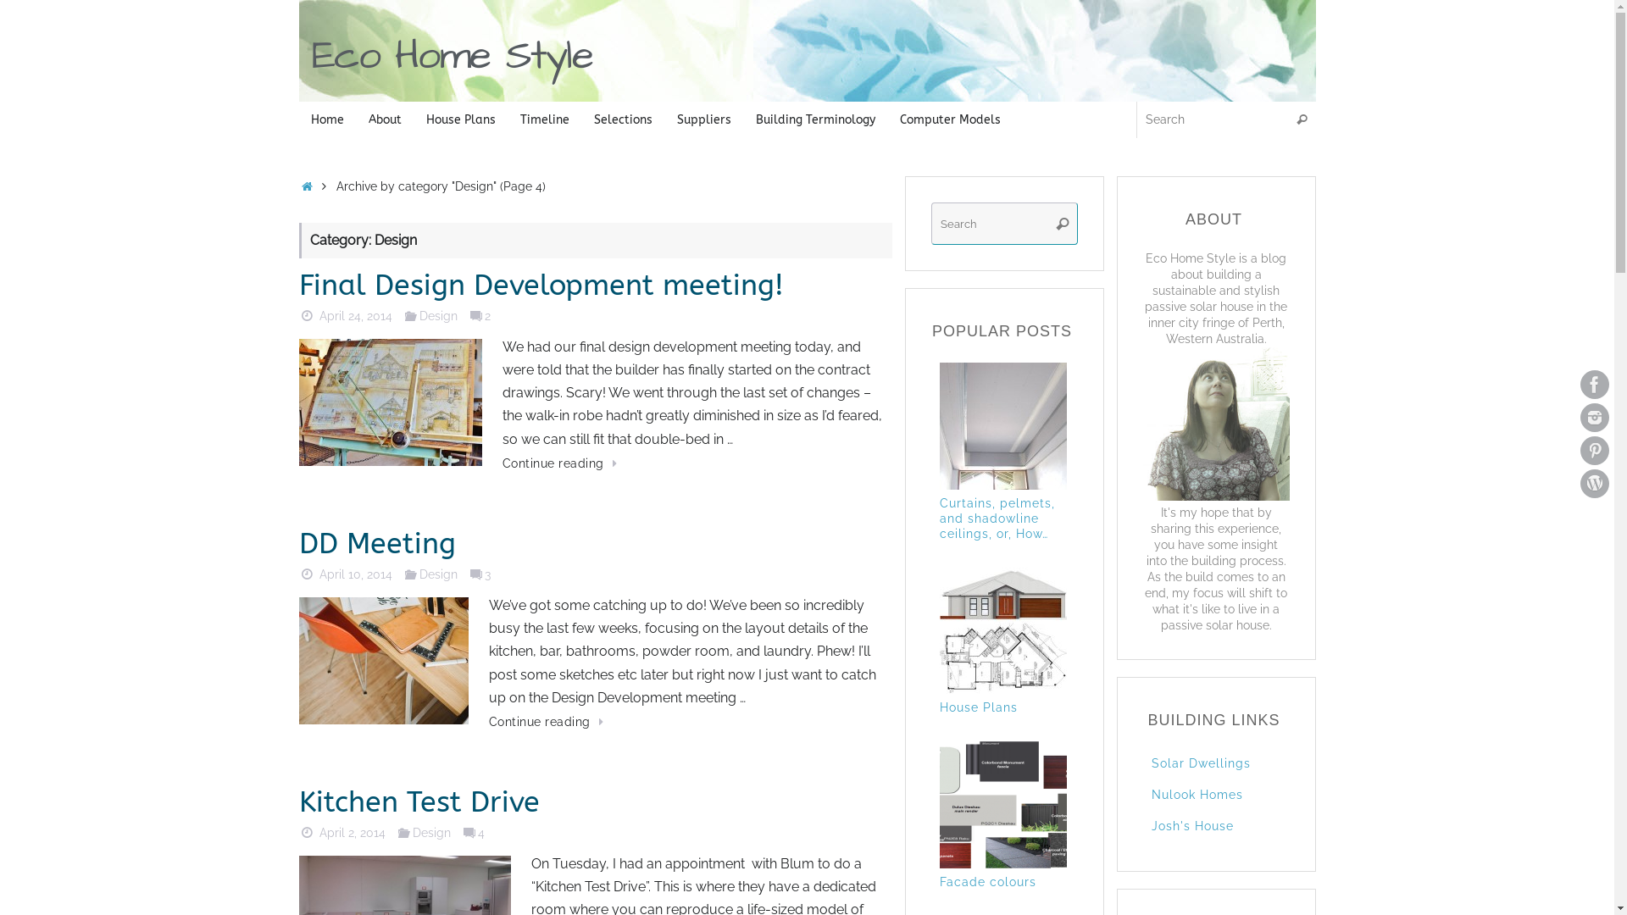  Describe the element at coordinates (1191, 825) in the screenshot. I see `'Josh's House'` at that location.